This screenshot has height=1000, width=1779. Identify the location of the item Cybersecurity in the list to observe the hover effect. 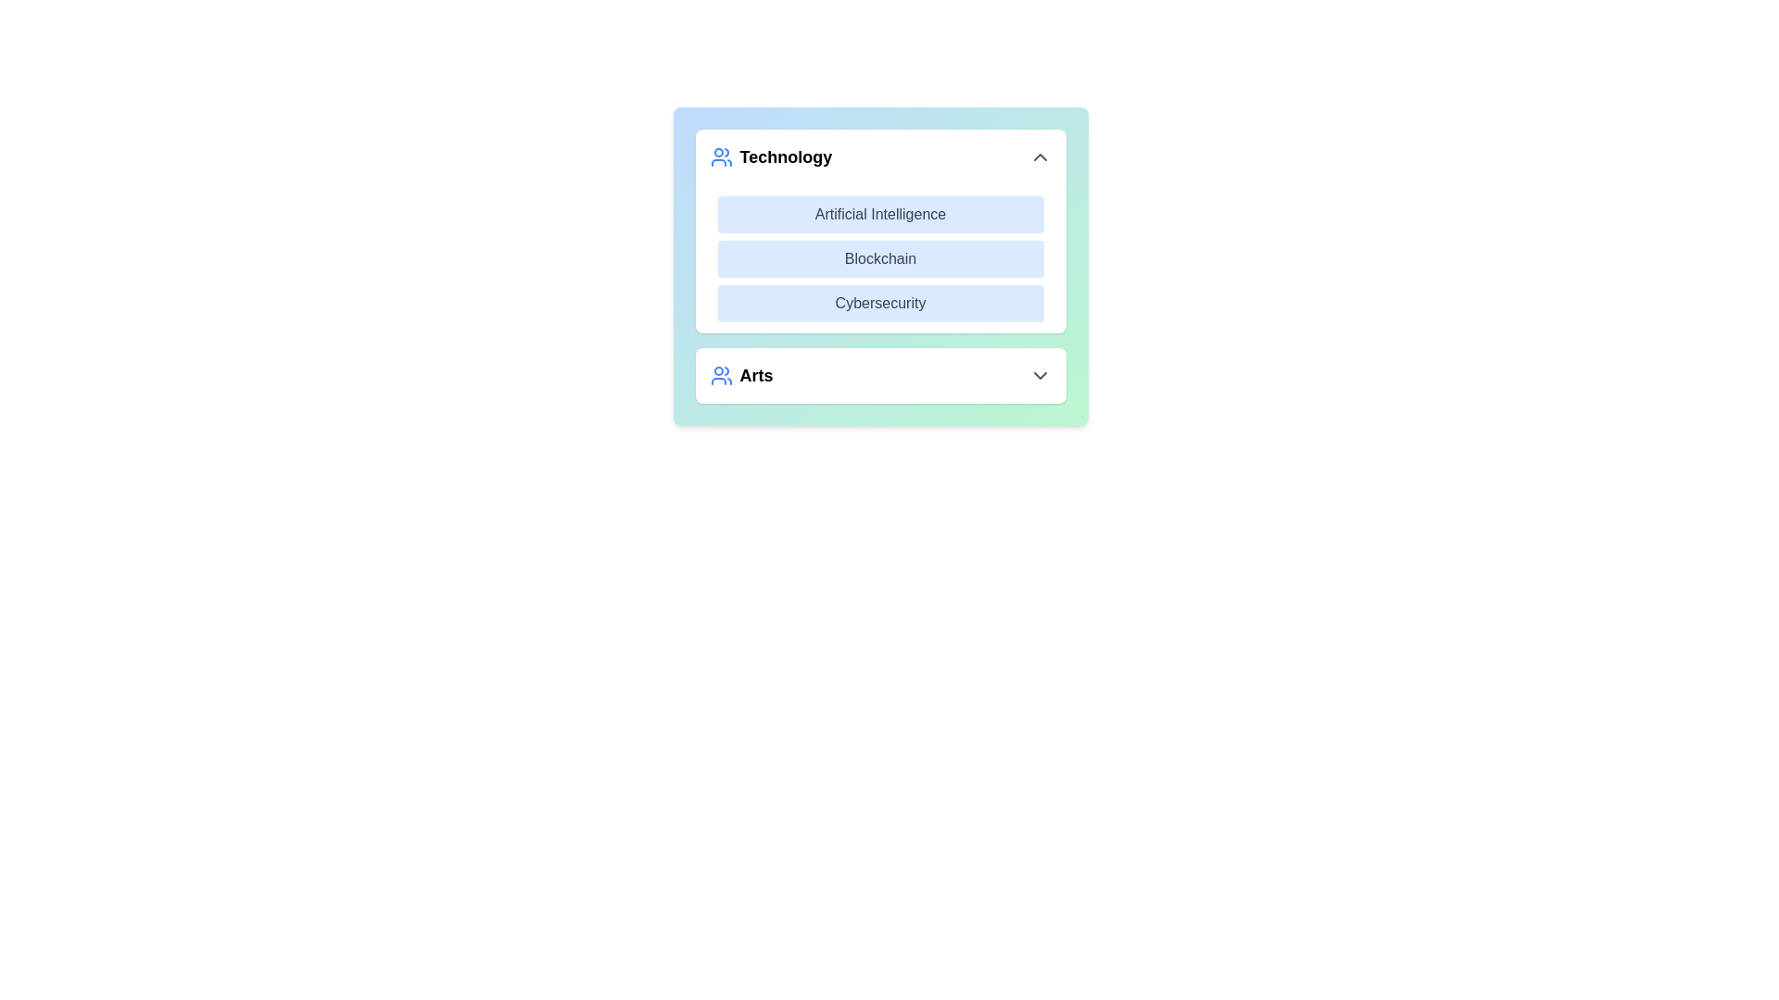
(879, 302).